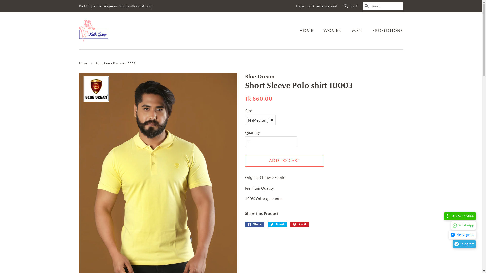 This screenshot has height=273, width=486. What do you see at coordinates (385, 31) in the screenshot?
I see `'PROMOTIONS'` at bounding box center [385, 31].